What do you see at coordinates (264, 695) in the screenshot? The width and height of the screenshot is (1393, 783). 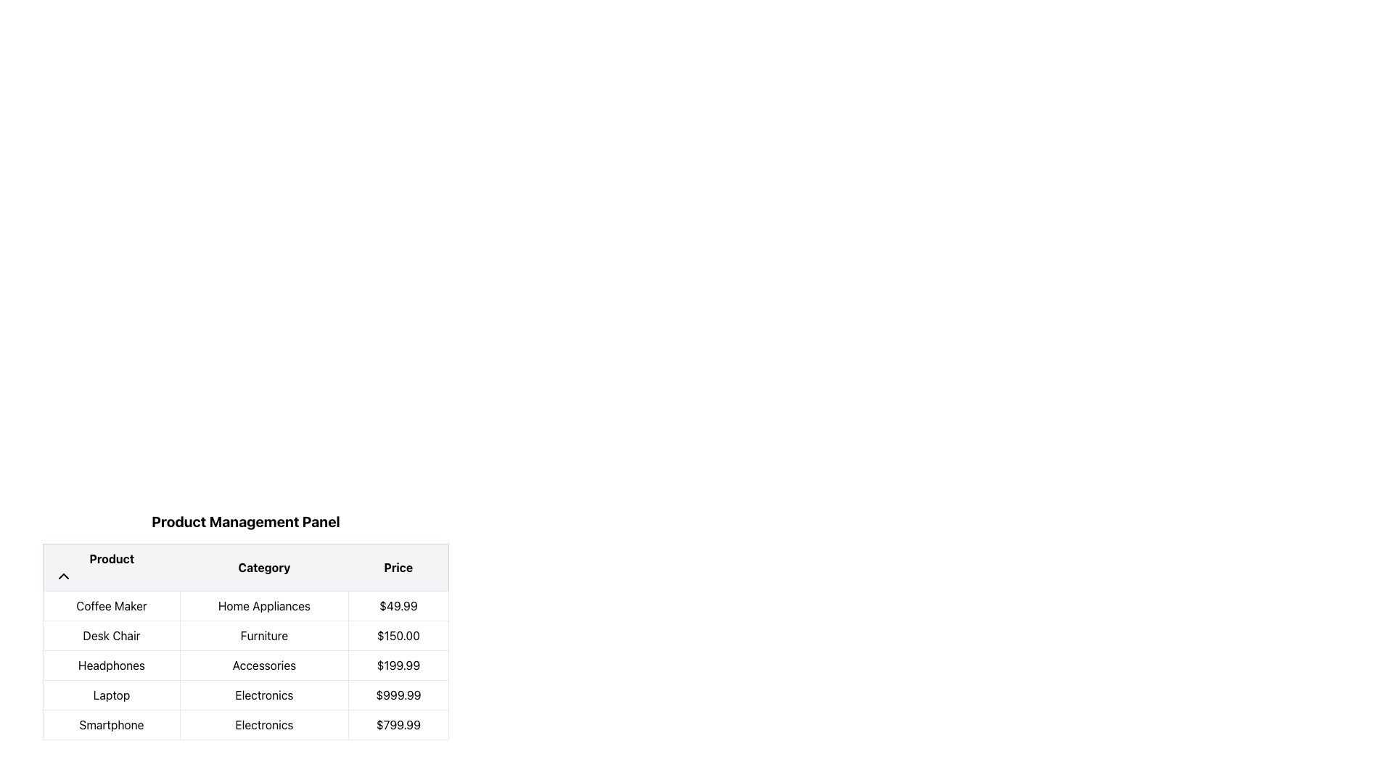 I see `the table cell displaying the category label 'Electronics' in the fourth row and second column` at bounding box center [264, 695].